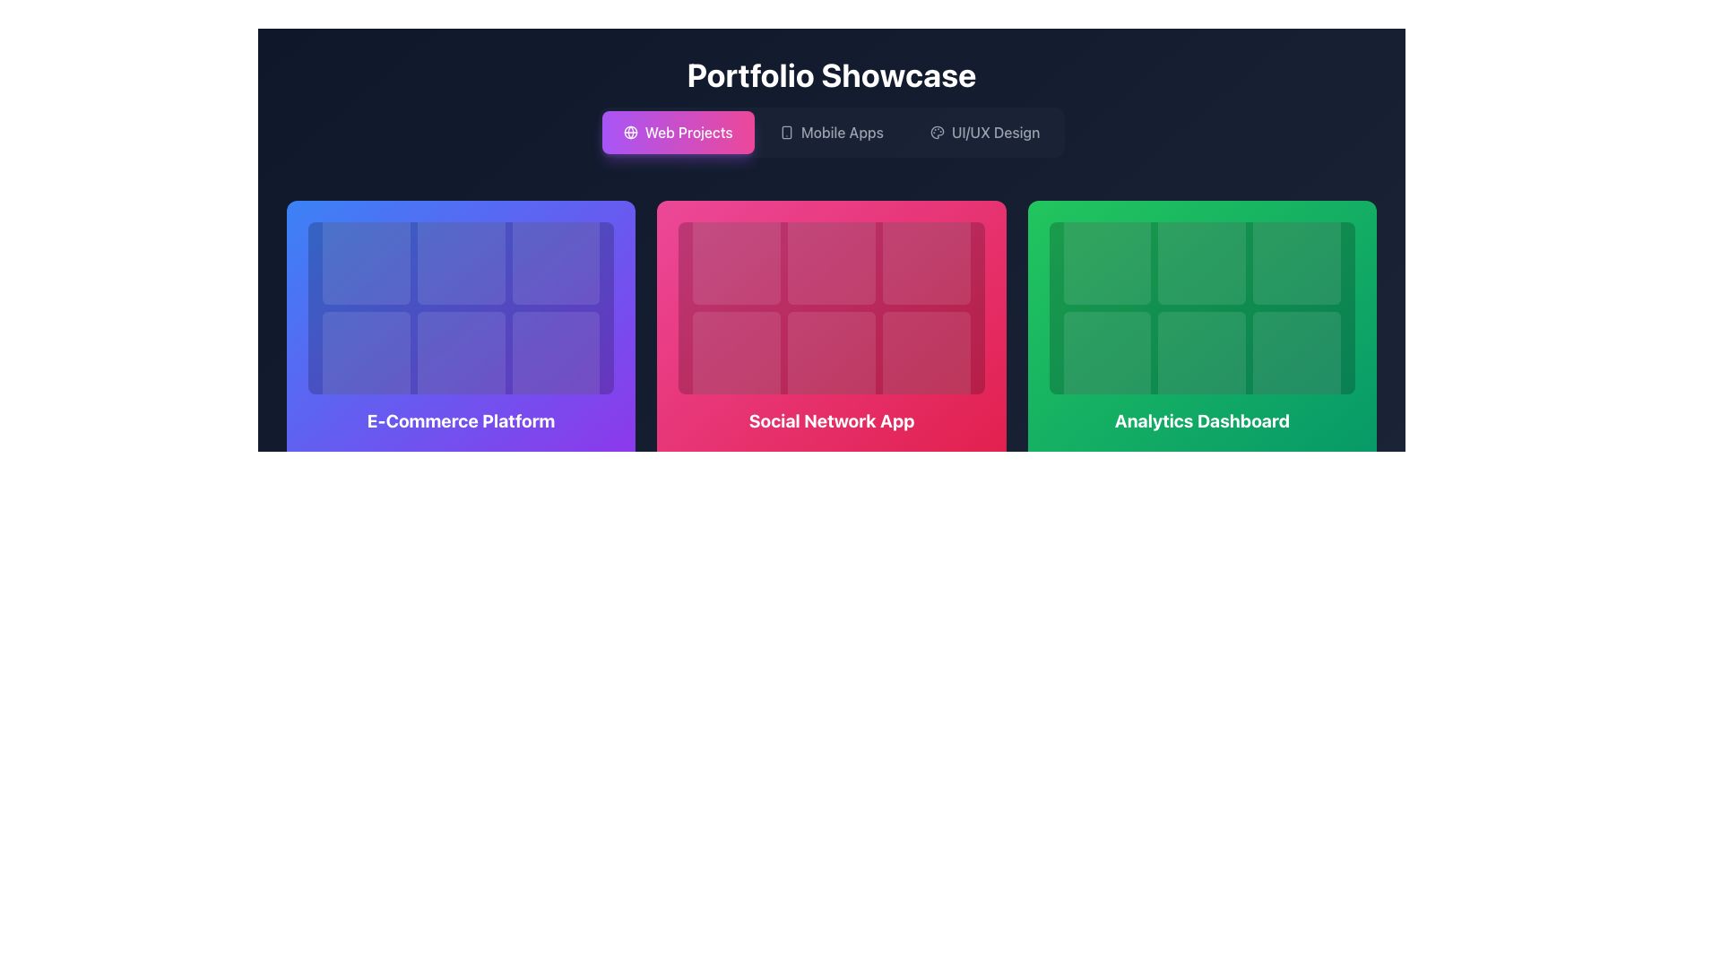 The image size is (1721, 968). I want to click on the 'Web Projects' text label, so click(688, 131).